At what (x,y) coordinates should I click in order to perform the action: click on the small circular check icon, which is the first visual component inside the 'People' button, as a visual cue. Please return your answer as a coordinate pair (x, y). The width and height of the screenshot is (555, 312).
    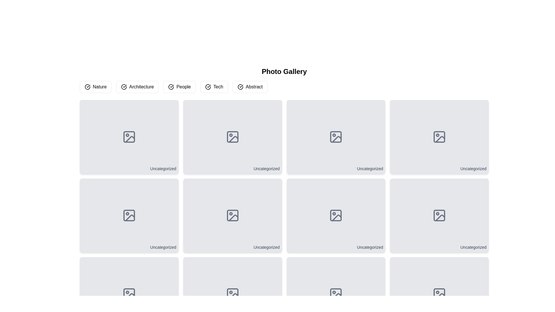
    Looking at the image, I should click on (171, 87).